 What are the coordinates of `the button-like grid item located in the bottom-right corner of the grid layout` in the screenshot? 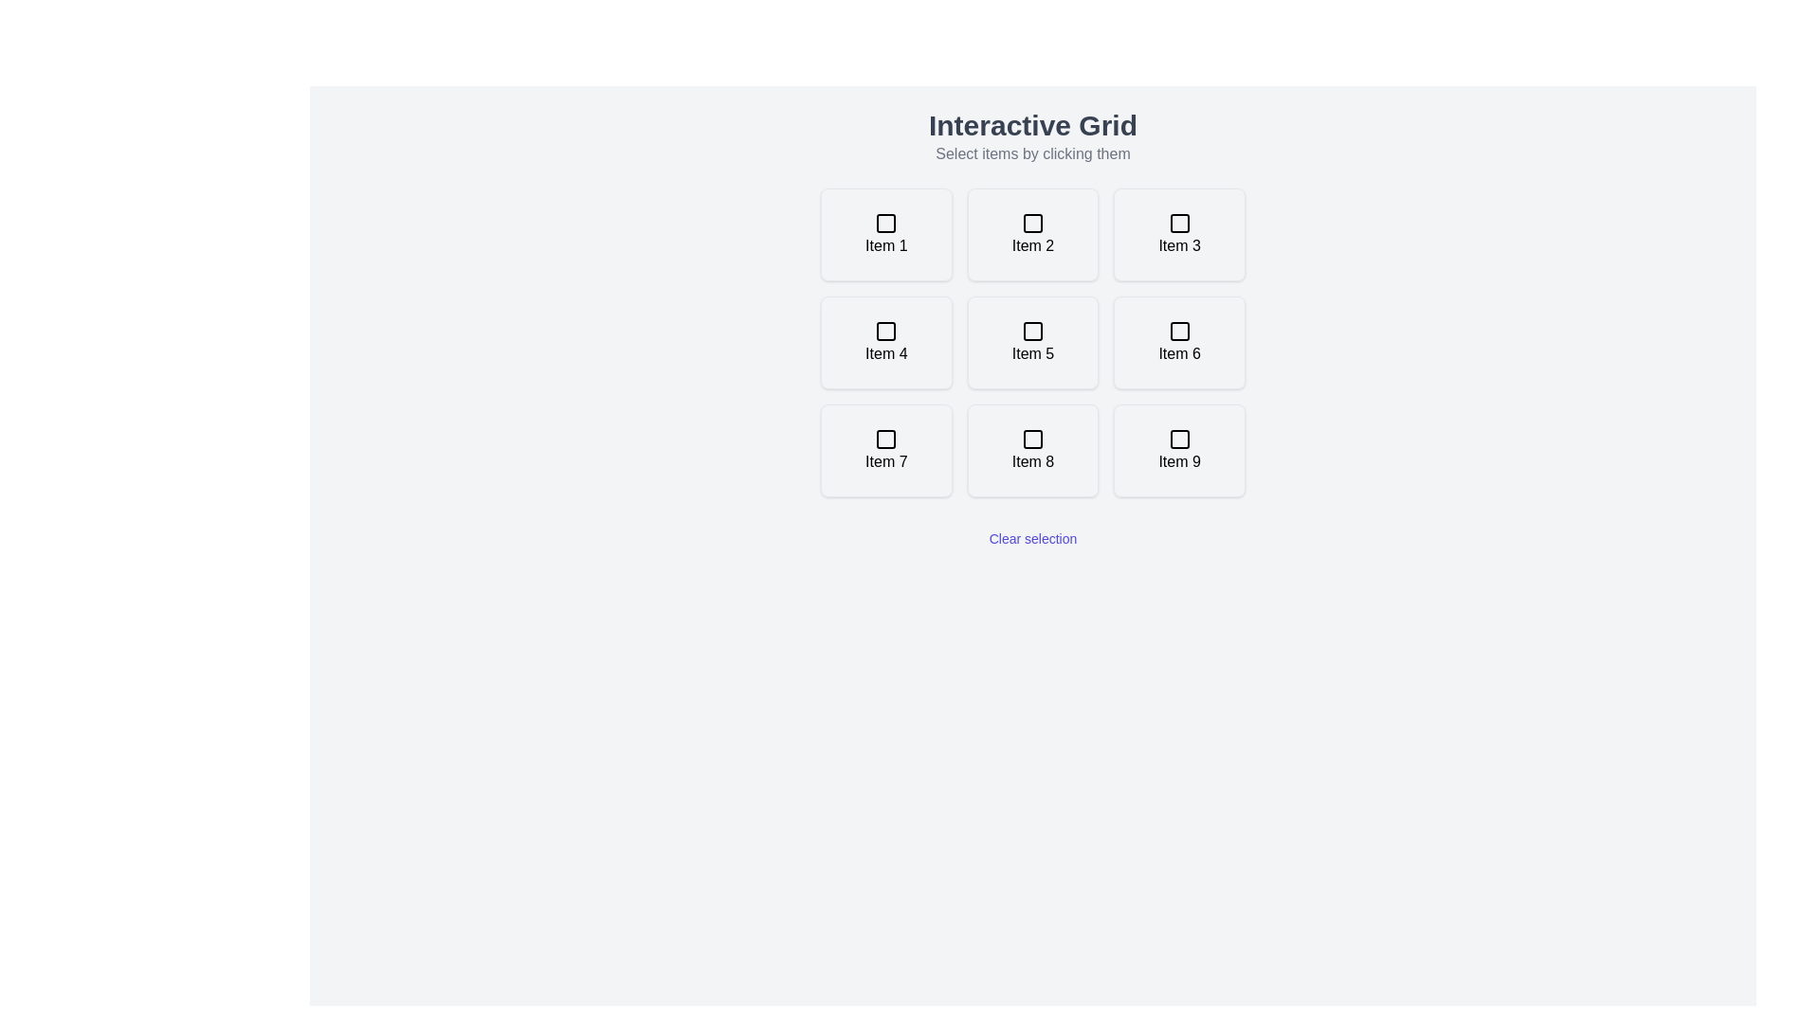 It's located at (1178, 450).